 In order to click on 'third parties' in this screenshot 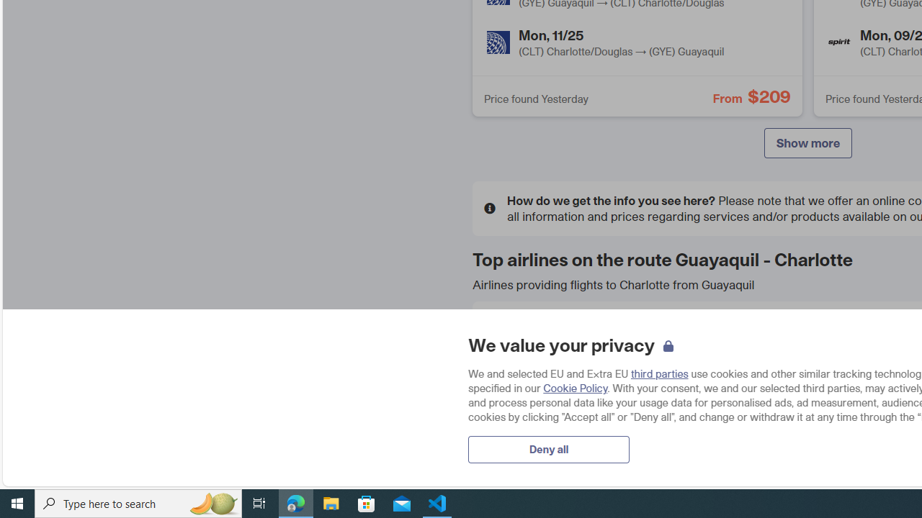, I will do `click(658, 373)`.